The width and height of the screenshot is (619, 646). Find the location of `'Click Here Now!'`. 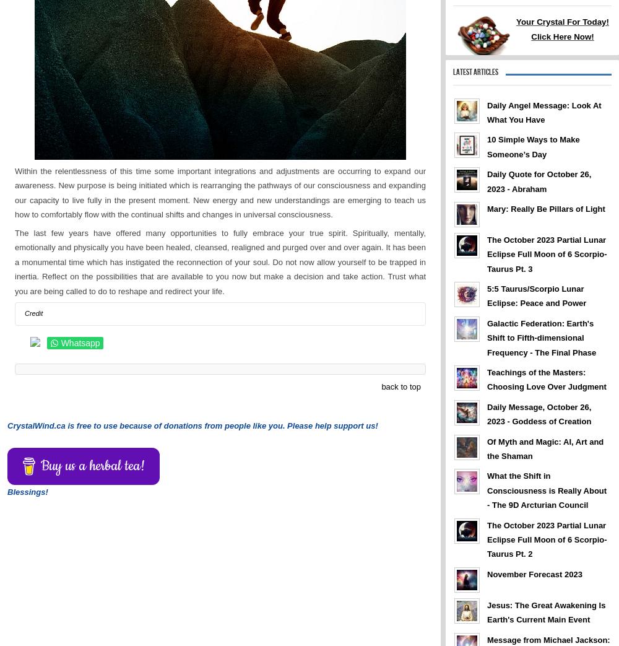

'Click Here Now!' is located at coordinates (562, 35).